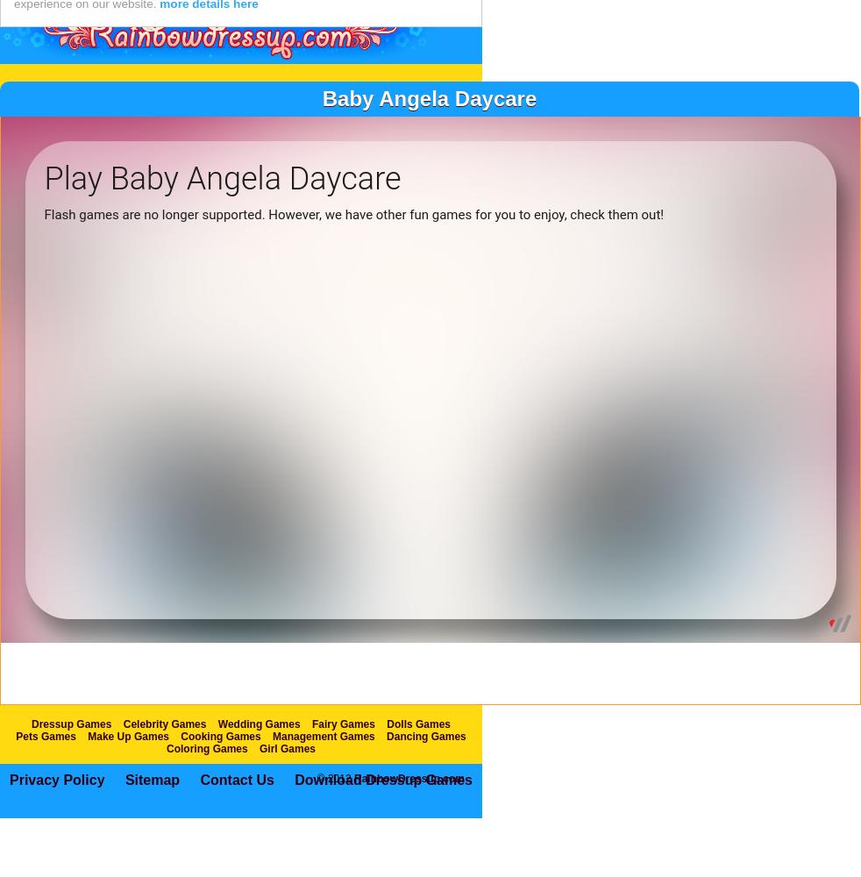 This screenshot has width=861, height=877. I want to click on 'Cooking Games', so click(220, 773).